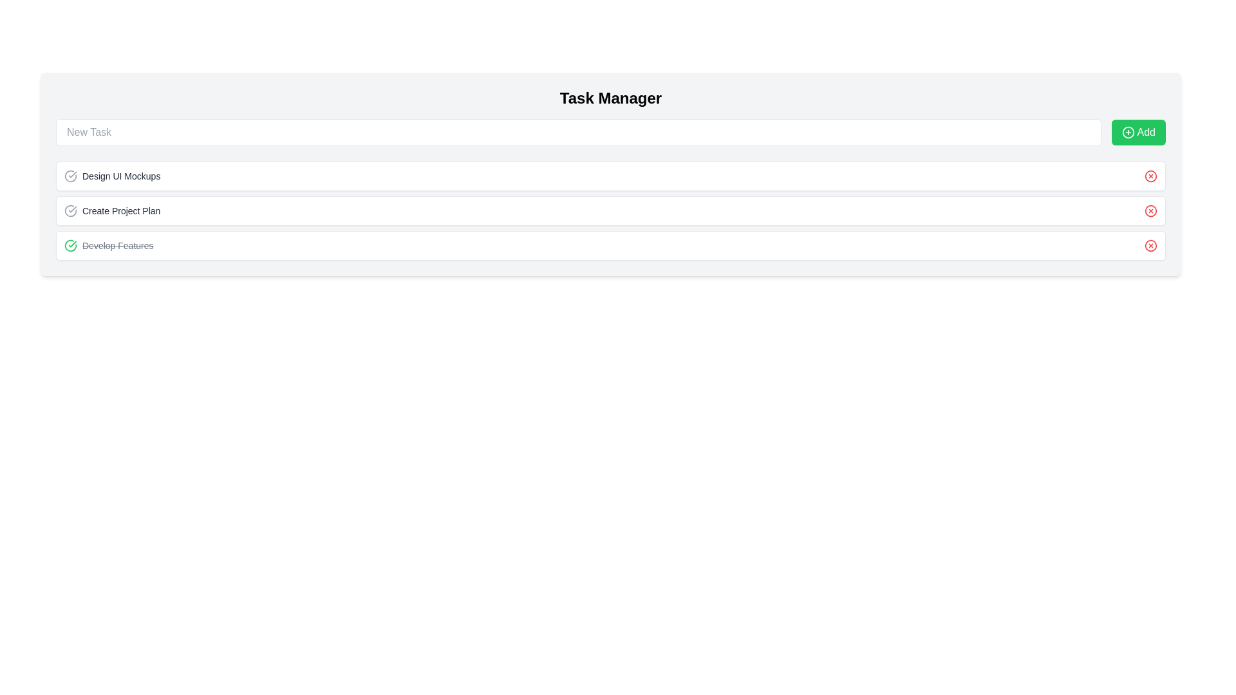  What do you see at coordinates (1151, 245) in the screenshot?
I see `the Circle element that signifies deletion in the Task Manager interface, located at the far right end of the fourth task item` at bounding box center [1151, 245].